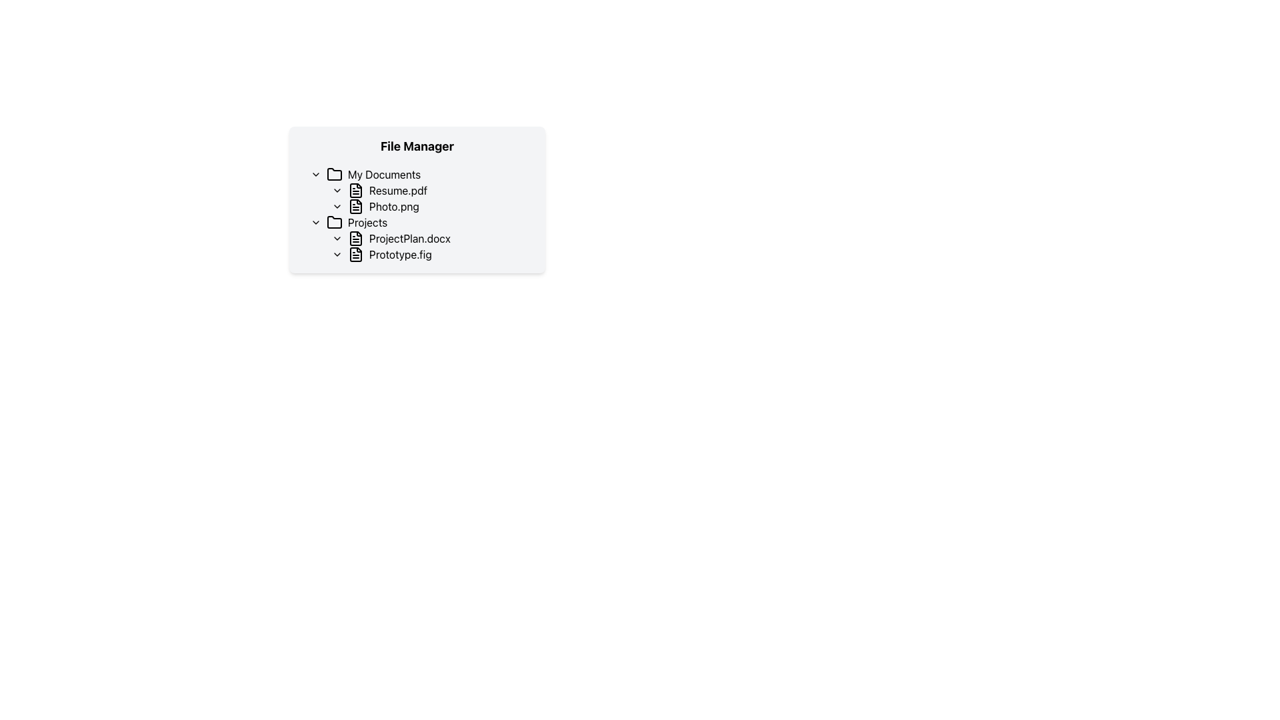 This screenshot has width=1280, height=720. I want to click on the expansion toggle button located to the left of the 'ProjectPlan.docx' text label in the 'Projects' section of the File Manager interface, so click(337, 238).